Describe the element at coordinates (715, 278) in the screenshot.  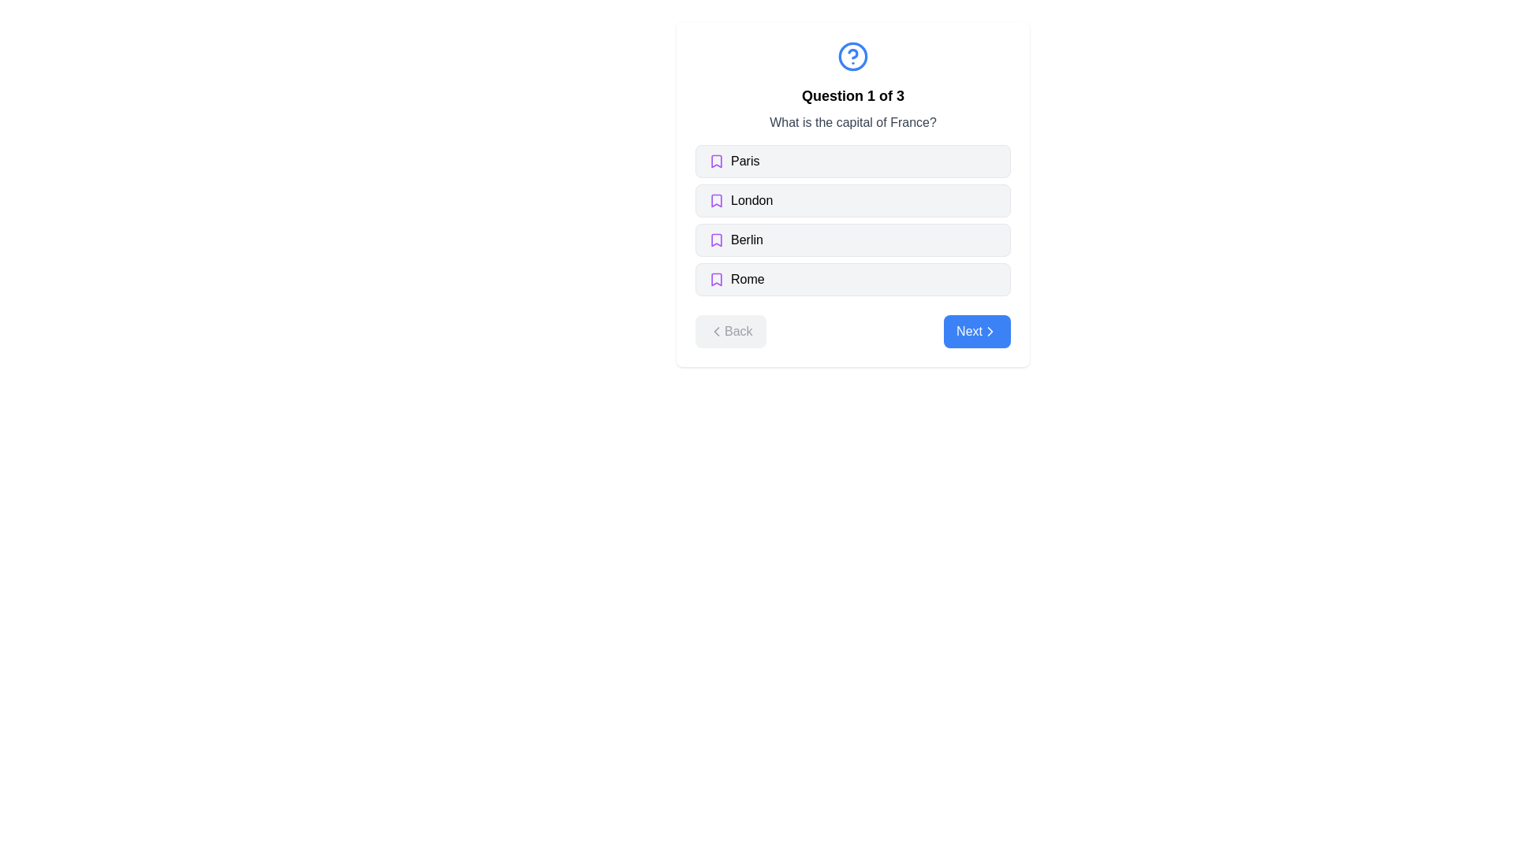
I see `the decorative icon next to the 'Rome' option in the vertical list of options, indicating it is marked as significant or favorite by the user` at that location.